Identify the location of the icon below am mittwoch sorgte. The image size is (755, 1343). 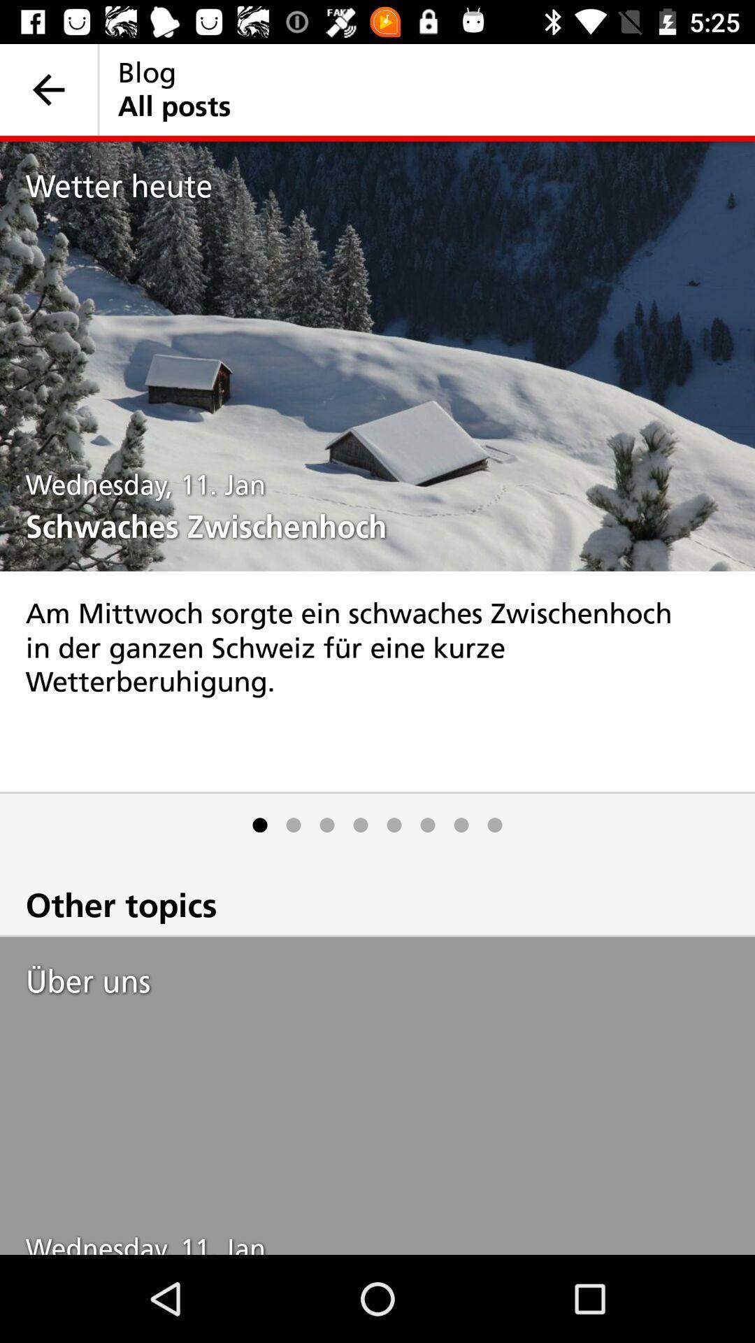
(394, 825).